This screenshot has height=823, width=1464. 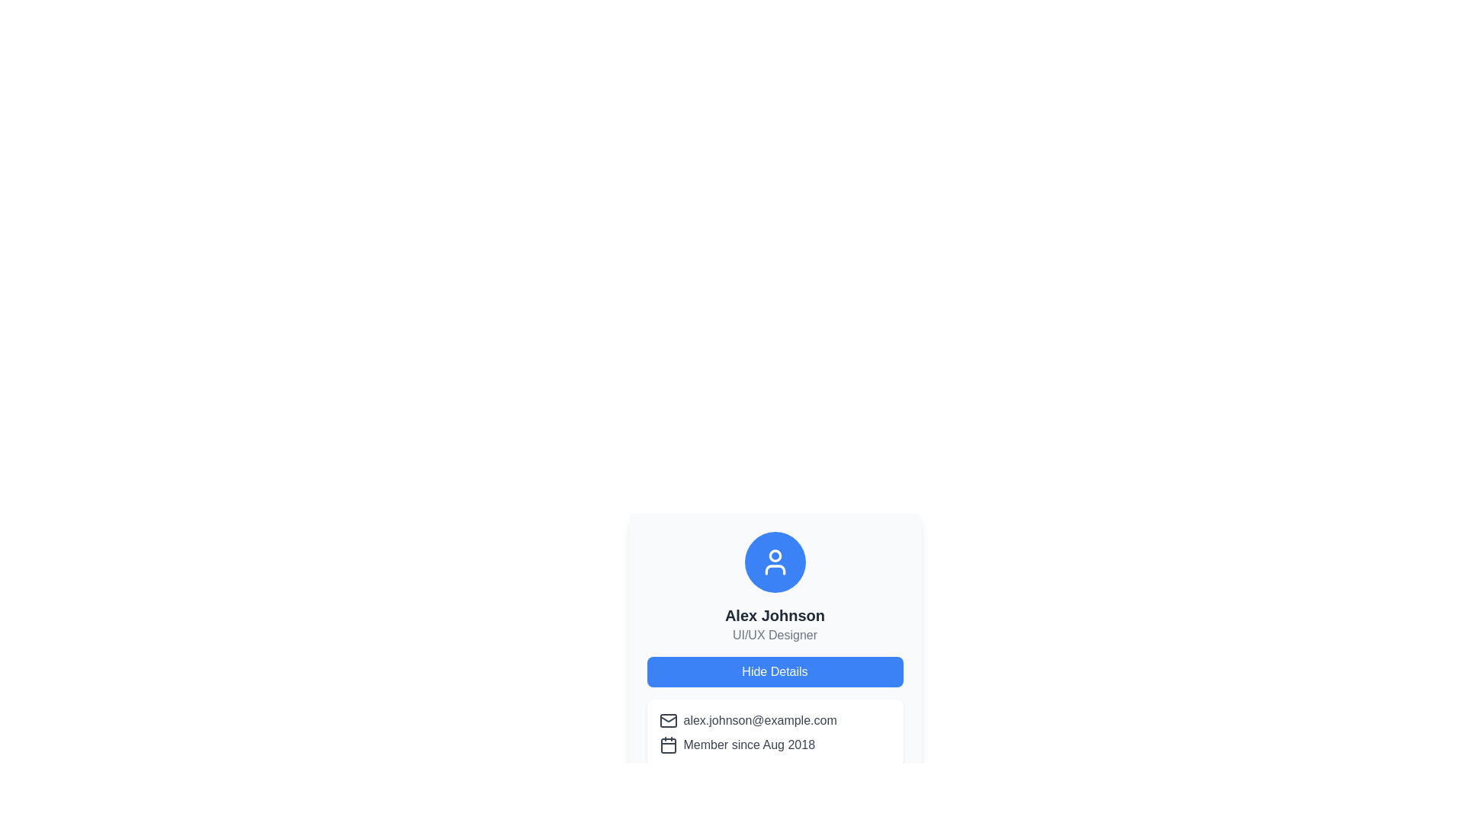 What do you see at coordinates (775, 732) in the screenshot?
I see `the Informational card section that displays the email 'alex.johnson@example.com' and membership information 'Member since Aug 2018', located below the 'Hide Details' button in the user profile card` at bounding box center [775, 732].